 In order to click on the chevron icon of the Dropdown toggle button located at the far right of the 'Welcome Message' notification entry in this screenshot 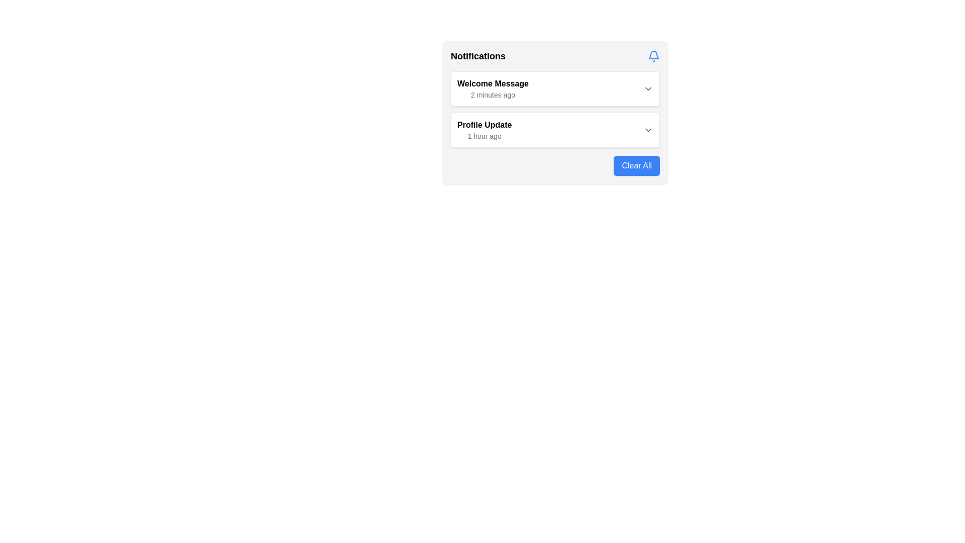, I will do `click(648, 88)`.